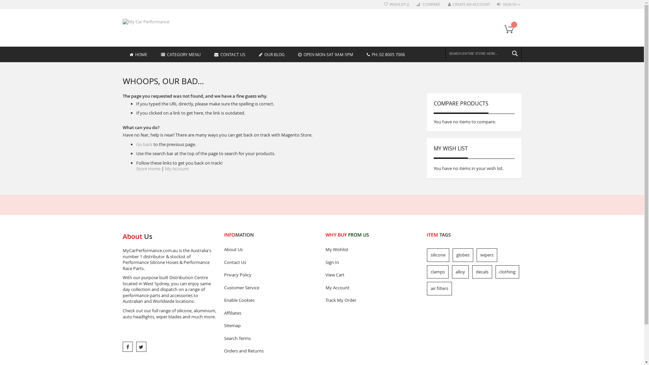 This screenshot has height=365, width=649. What do you see at coordinates (460, 271) in the screenshot?
I see `'alloy'` at bounding box center [460, 271].